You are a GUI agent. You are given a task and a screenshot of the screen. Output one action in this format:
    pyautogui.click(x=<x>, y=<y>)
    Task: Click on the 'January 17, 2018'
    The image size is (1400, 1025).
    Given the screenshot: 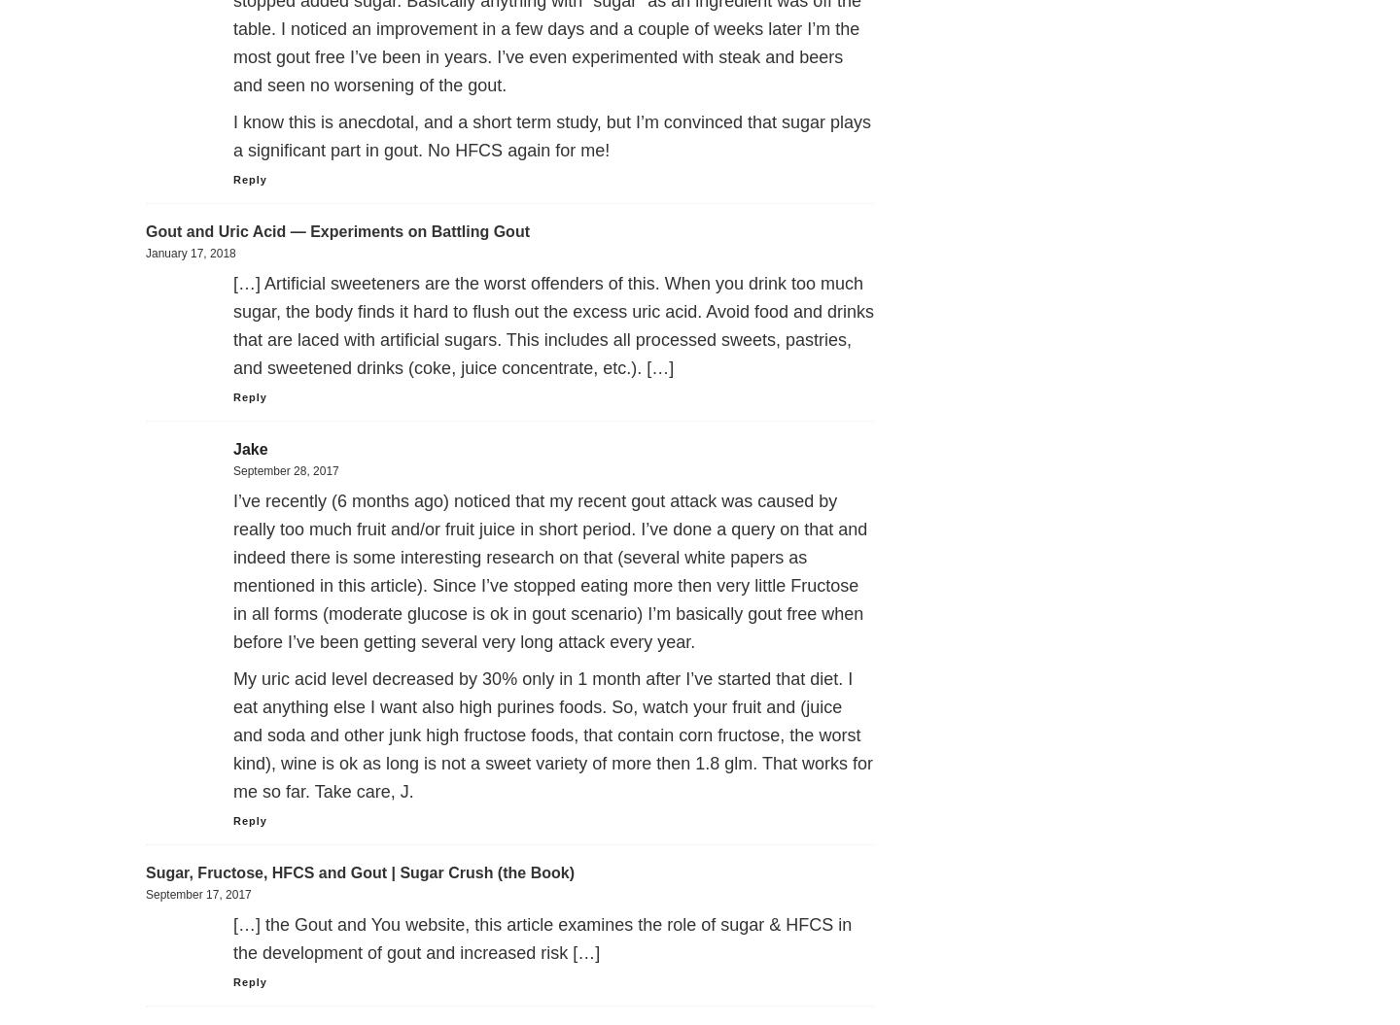 What is the action you would take?
    pyautogui.click(x=190, y=254)
    